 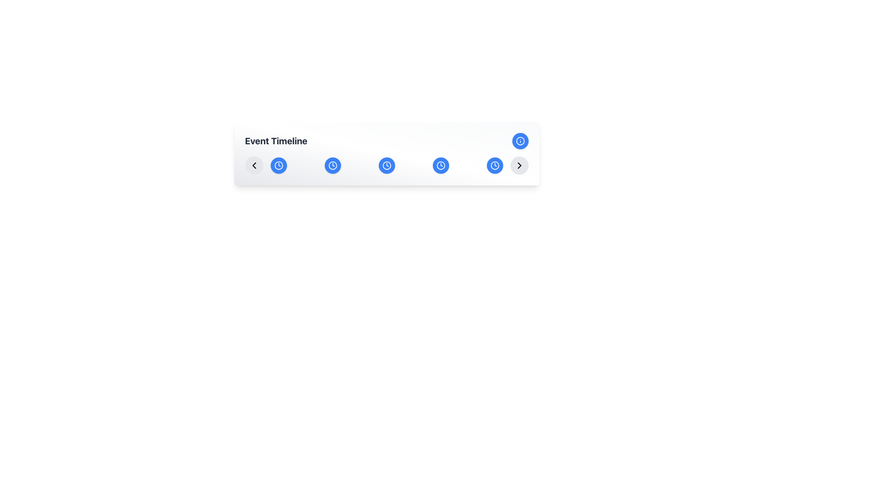 I want to click on the fourth button in the horizontal layout representing an event or time marker for April, so click(x=441, y=166).